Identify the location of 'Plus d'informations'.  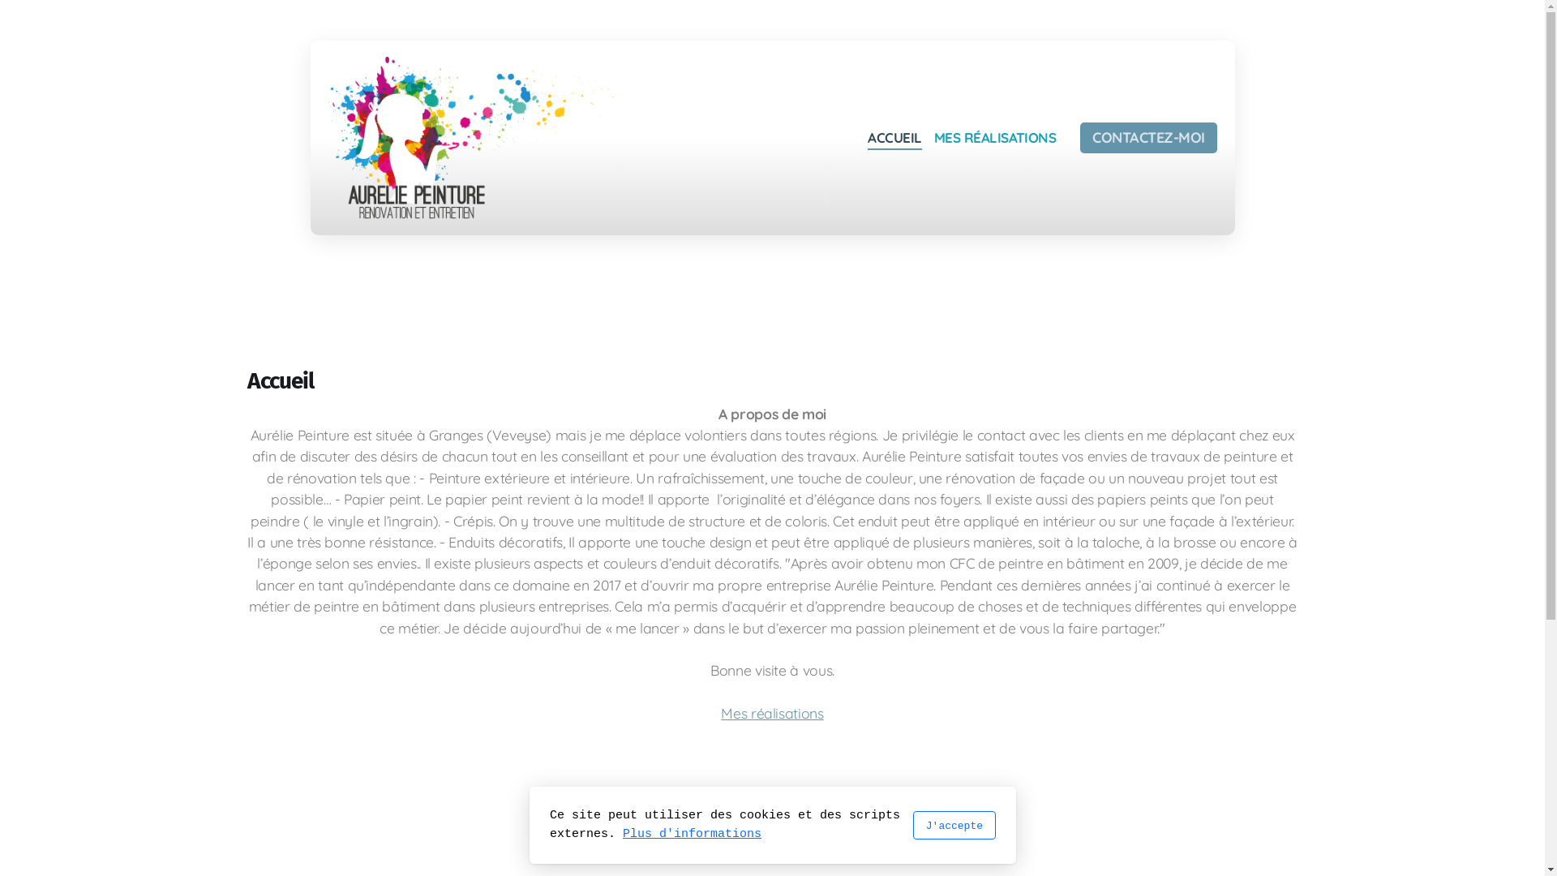
(692, 834).